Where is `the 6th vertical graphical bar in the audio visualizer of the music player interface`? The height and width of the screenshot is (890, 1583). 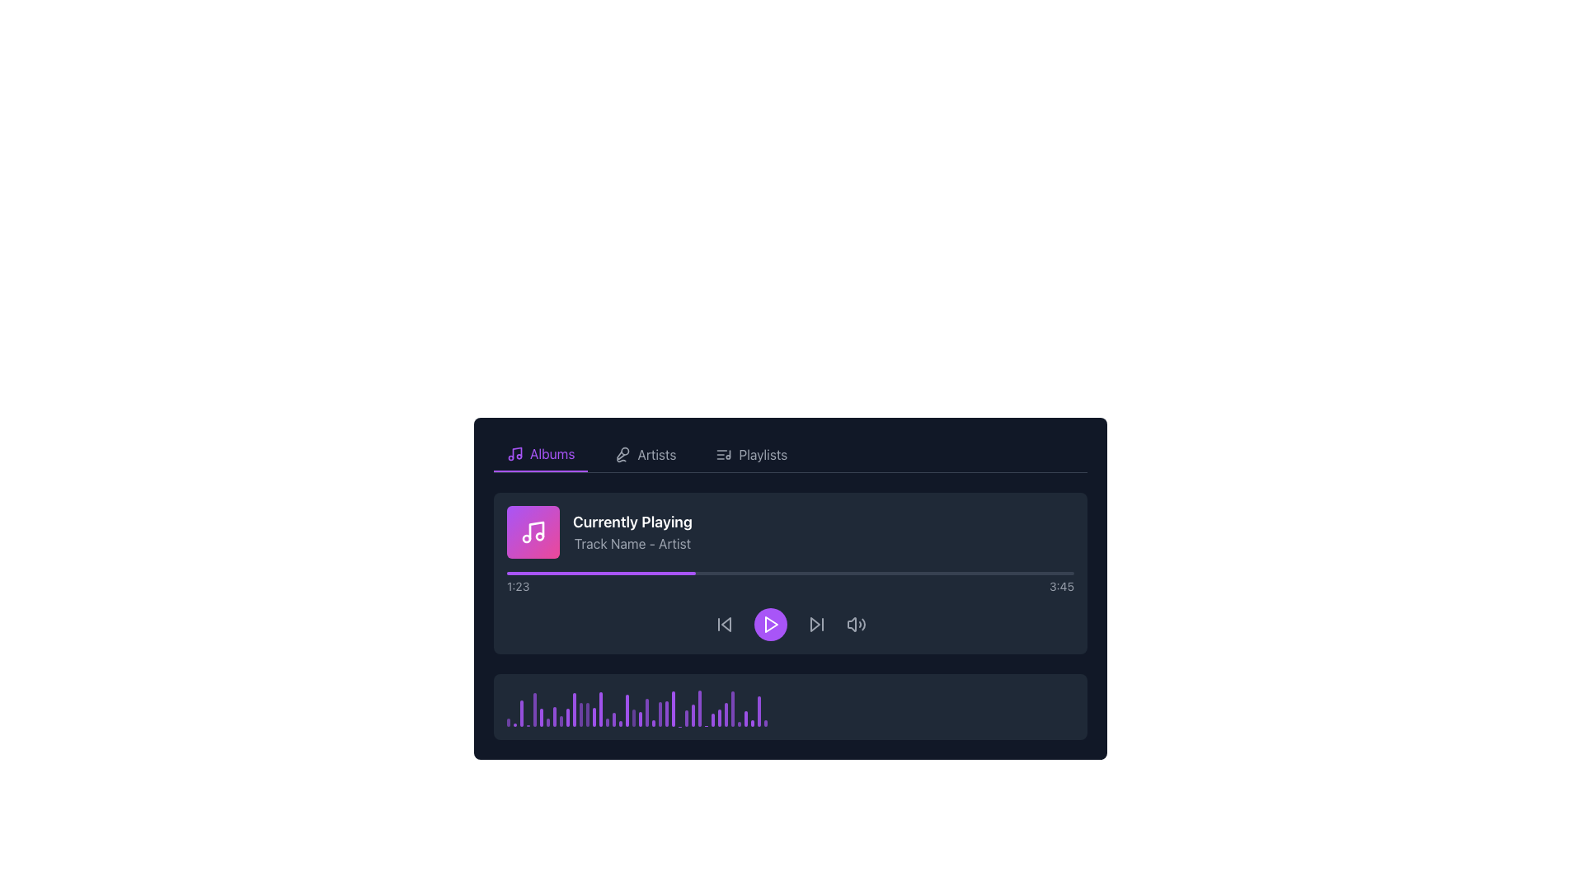 the 6th vertical graphical bar in the audio visualizer of the music player interface is located at coordinates (542, 717).